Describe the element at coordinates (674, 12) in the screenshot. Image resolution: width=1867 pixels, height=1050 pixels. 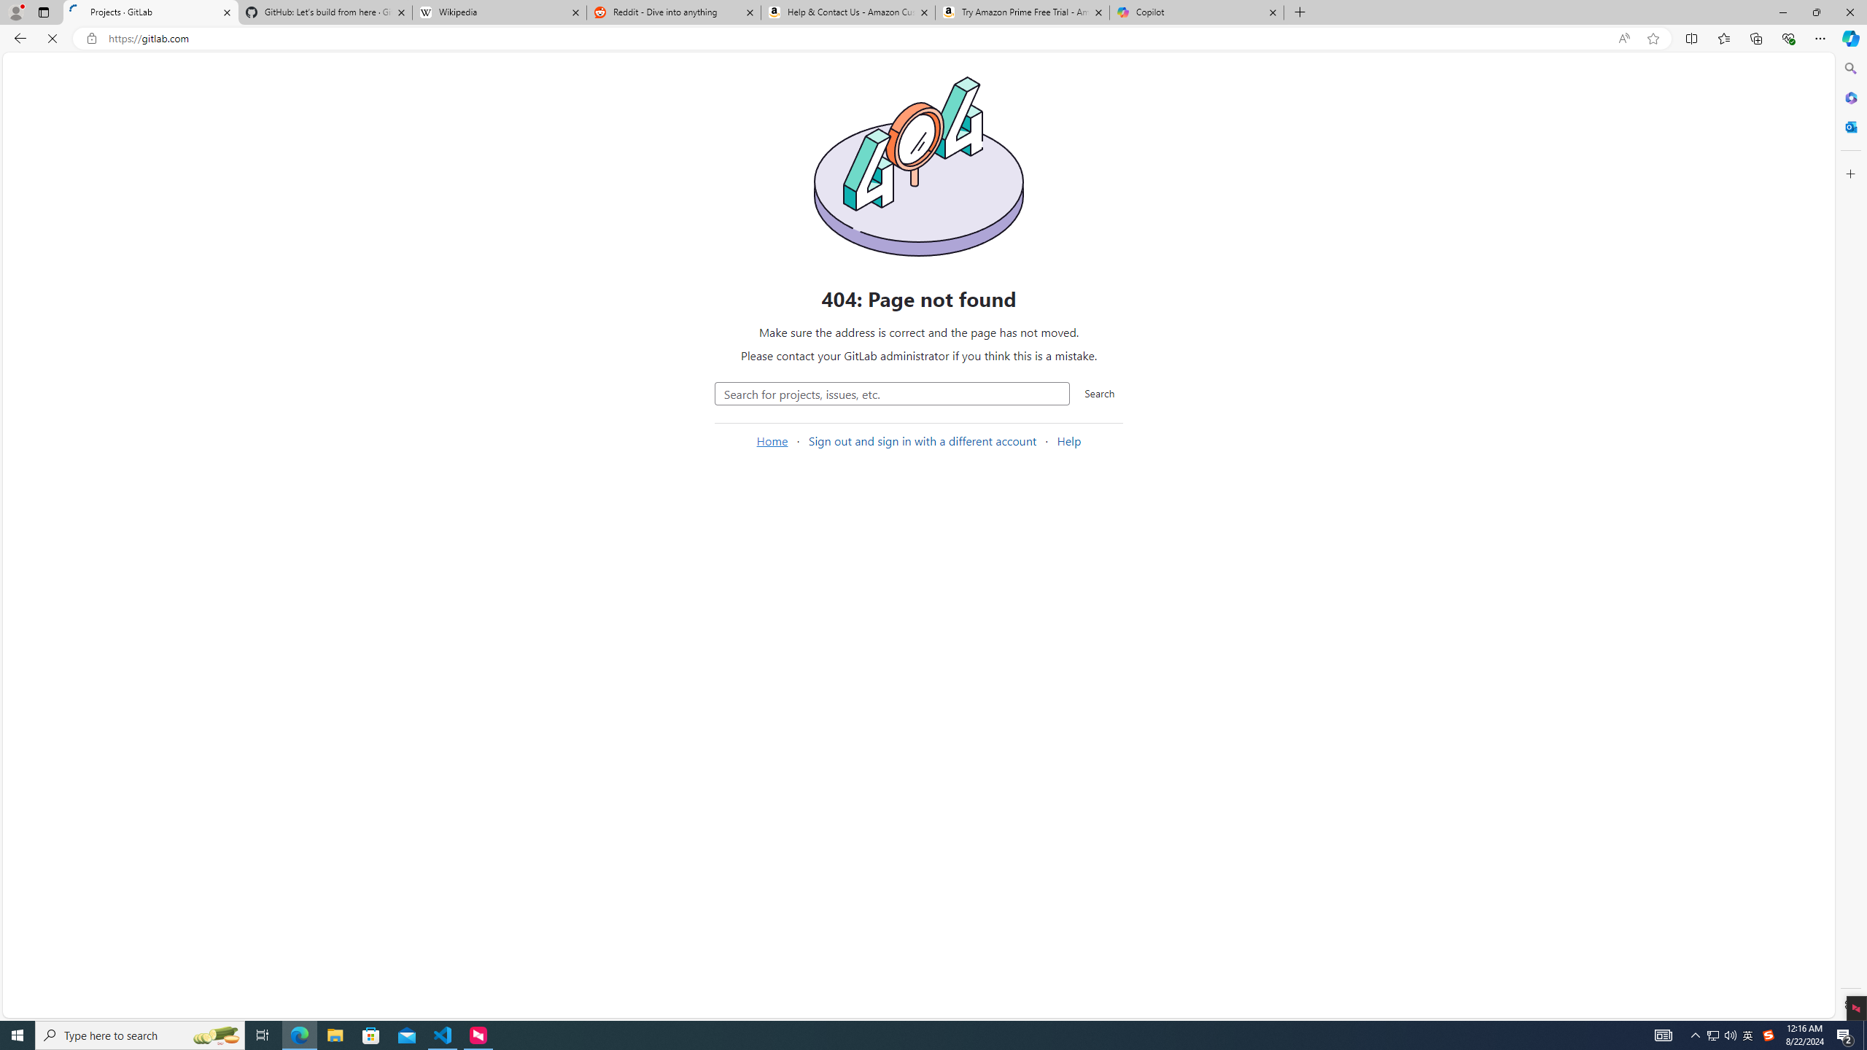
I see `'Reddit - Dive into anything'` at that location.